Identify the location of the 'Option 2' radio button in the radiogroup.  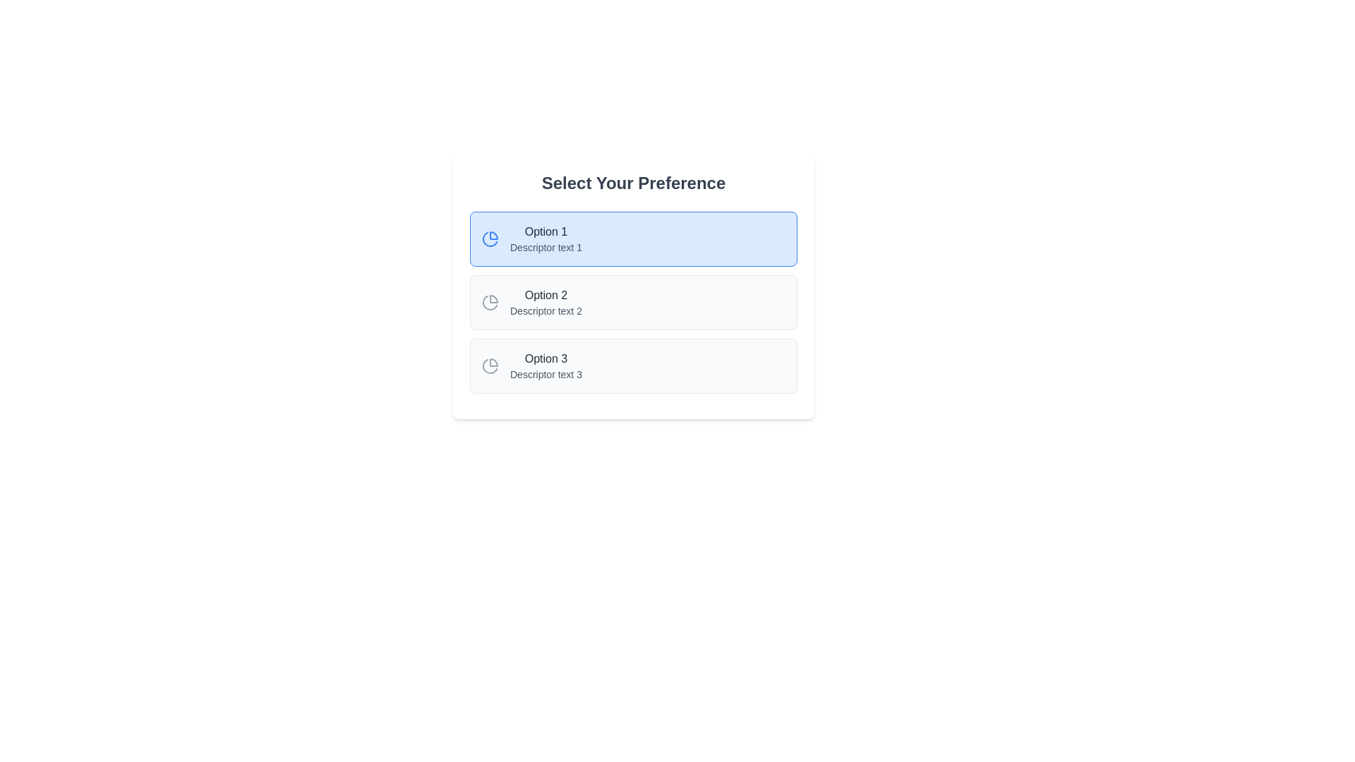
(632, 286).